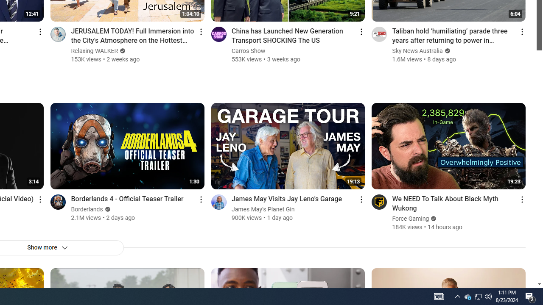 The width and height of the screenshot is (543, 305). I want to click on 'Action menu', so click(521, 199).